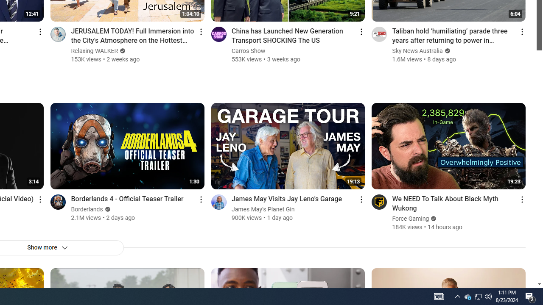 The width and height of the screenshot is (543, 305). I want to click on 'Action menu', so click(521, 199).